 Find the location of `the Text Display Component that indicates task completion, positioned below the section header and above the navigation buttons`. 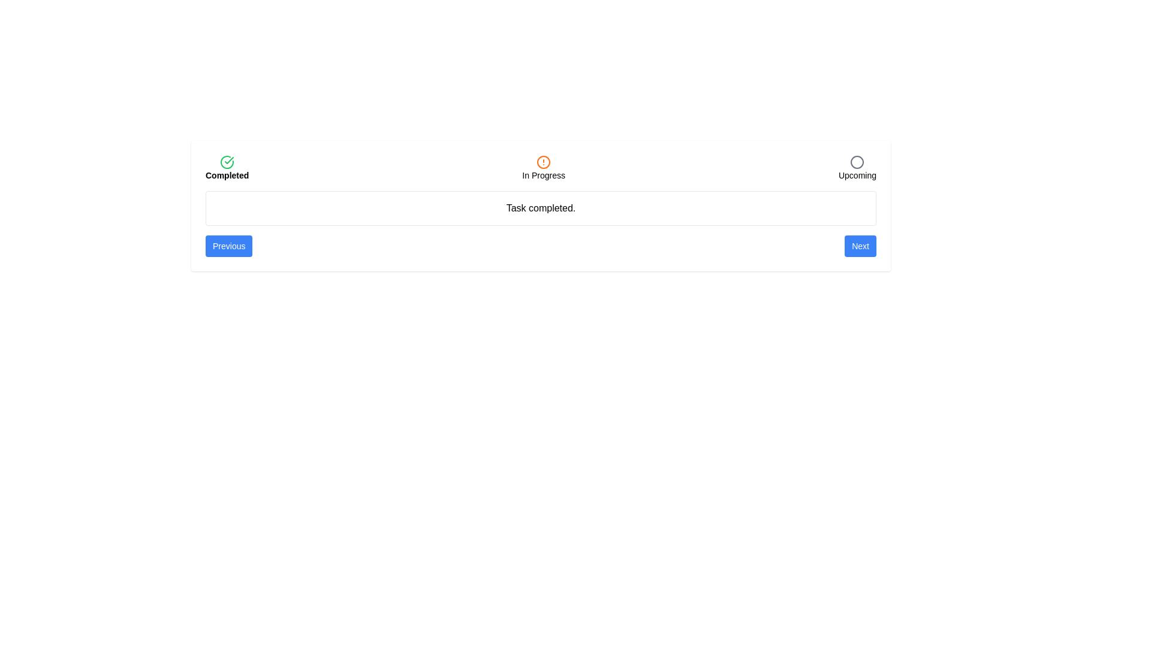

the Text Display Component that indicates task completion, positioned below the section header and above the navigation buttons is located at coordinates (540, 207).